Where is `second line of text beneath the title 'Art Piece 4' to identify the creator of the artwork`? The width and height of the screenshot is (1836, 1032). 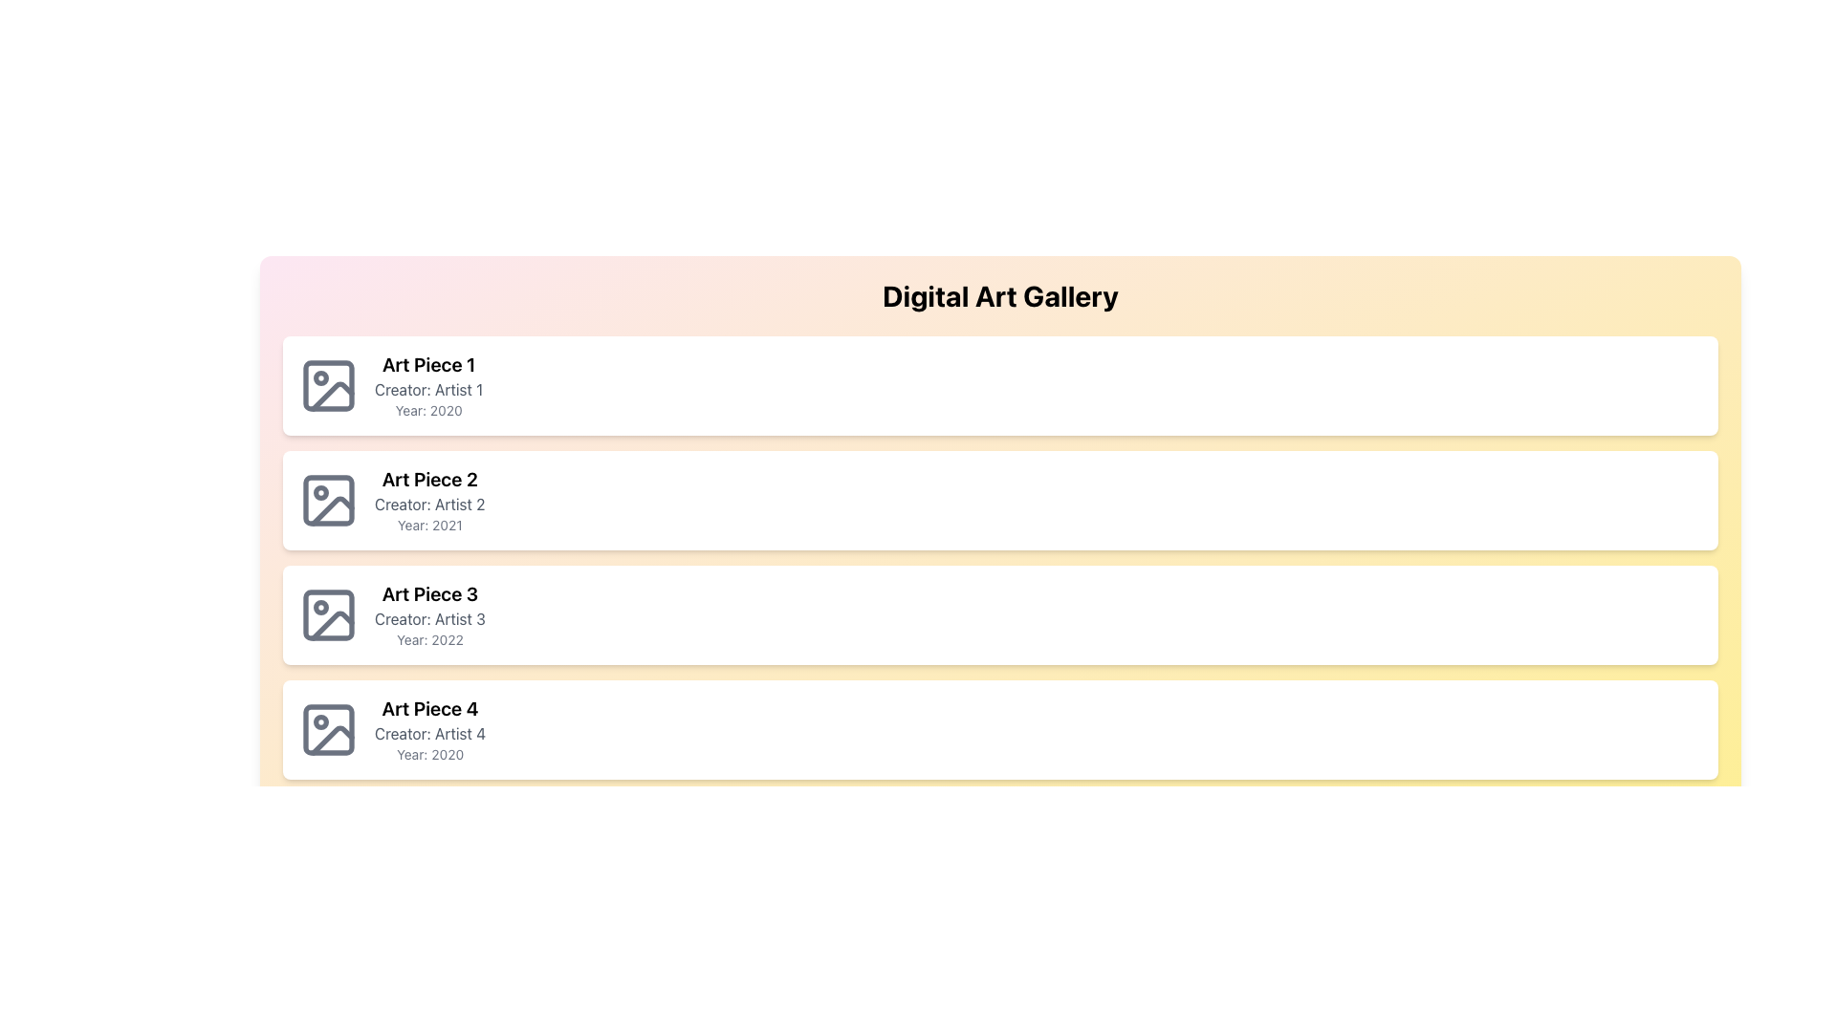
second line of text beneath the title 'Art Piece 4' to identify the creator of the artwork is located at coordinates (429, 732).